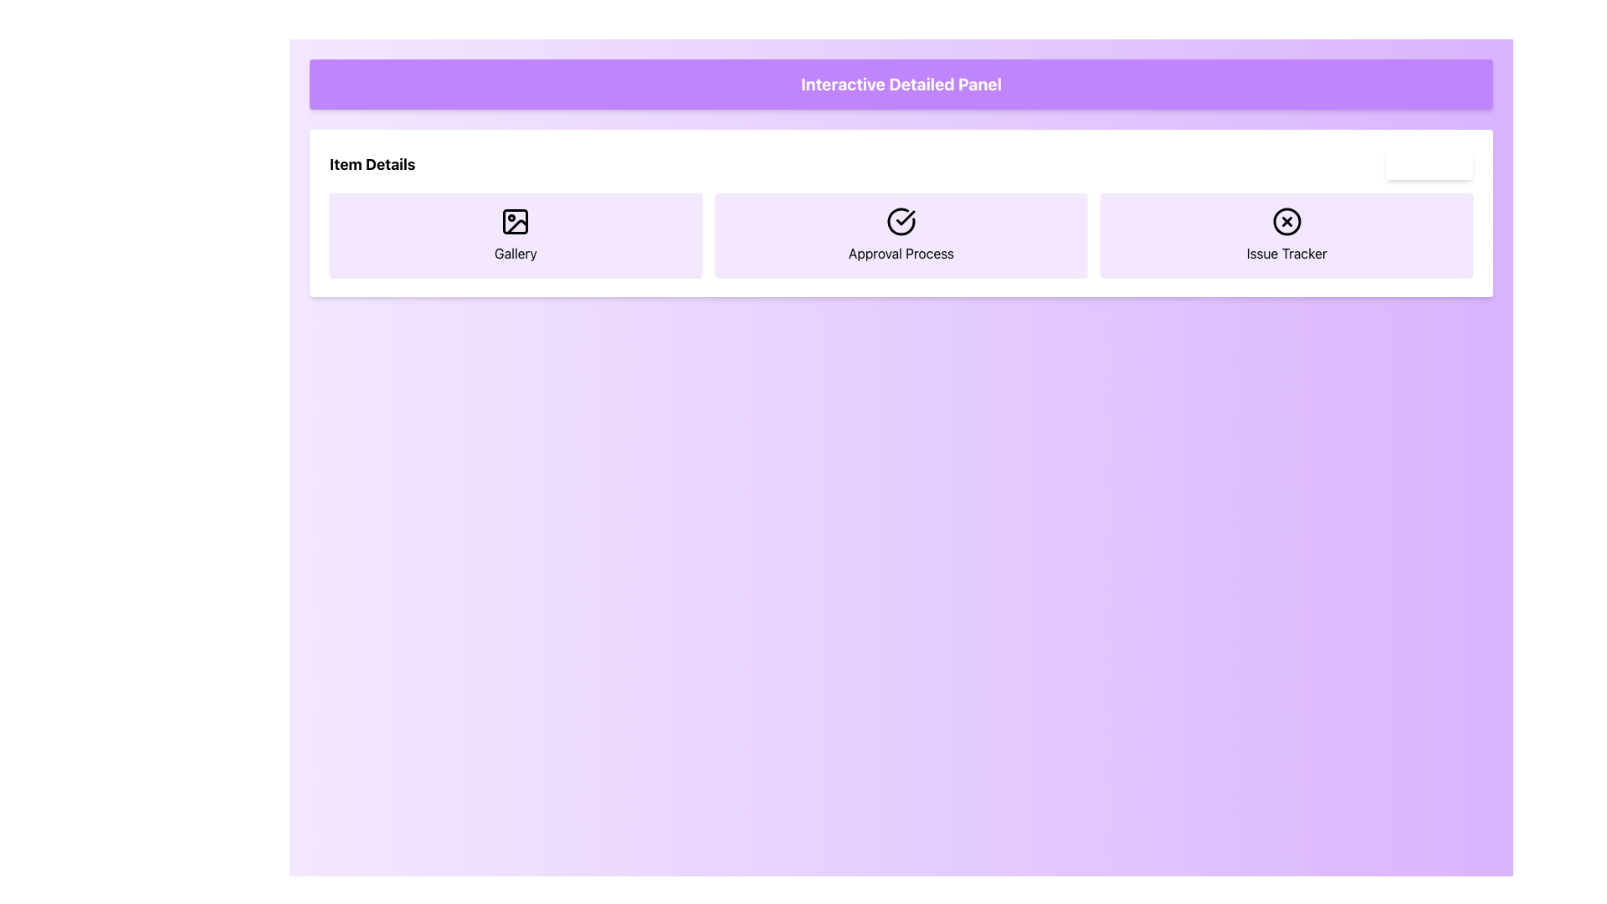 The image size is (1607, 904). Describe the element at coordinates (1286, 235) in the screenshot. I see `the 'Issue Tracker' button-like card, which is the rightmost card in a set of three horizontally arranged cards` at that location.